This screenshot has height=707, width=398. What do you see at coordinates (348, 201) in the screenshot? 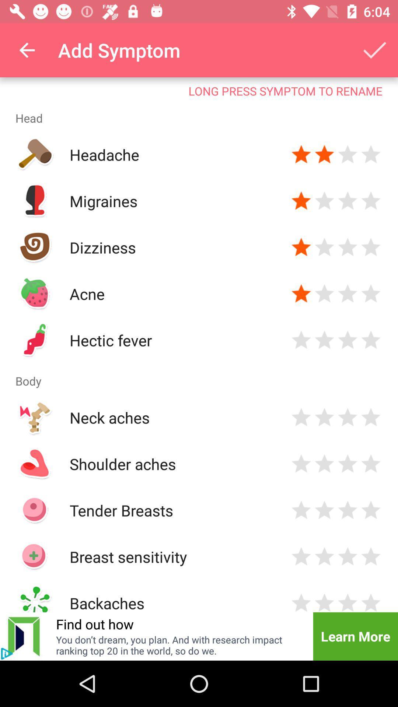
I see `rate` at bounding box center [348, 201].